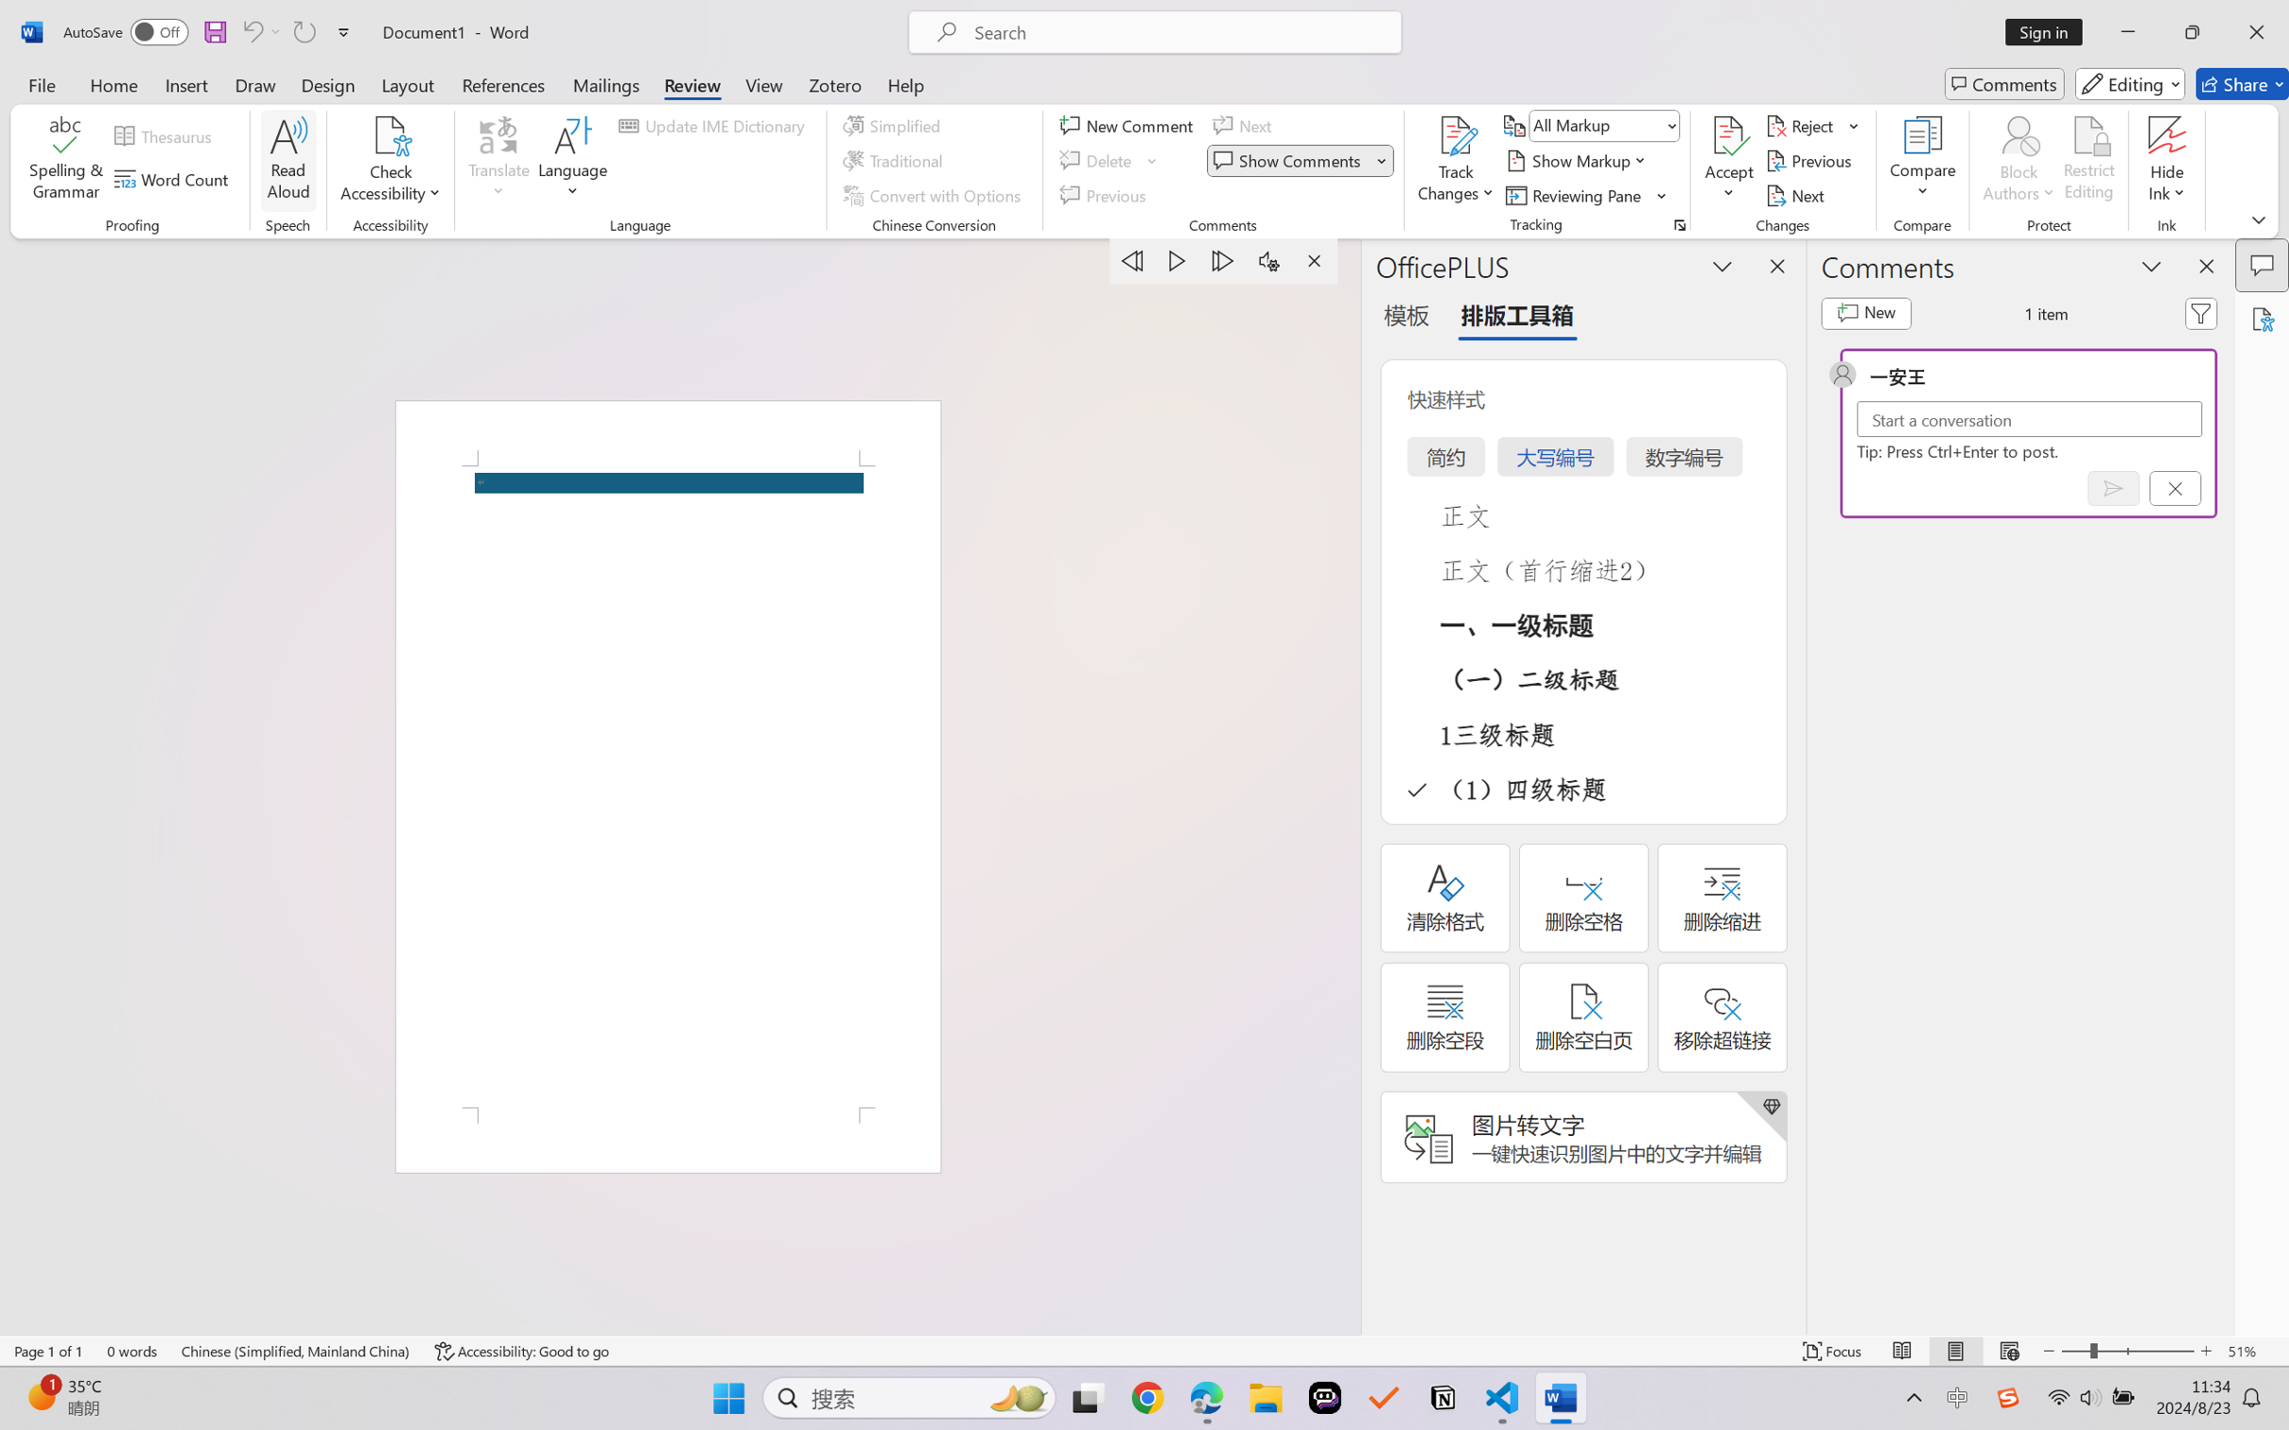 The image size is (2289, 1430). I want to click on 'Undo Apply Quick Style Set', so click(251, 31).